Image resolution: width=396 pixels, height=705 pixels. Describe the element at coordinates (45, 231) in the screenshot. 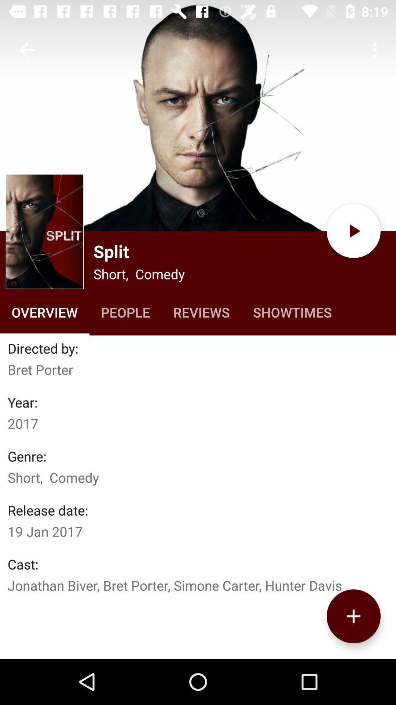

I see `open image` at that location.